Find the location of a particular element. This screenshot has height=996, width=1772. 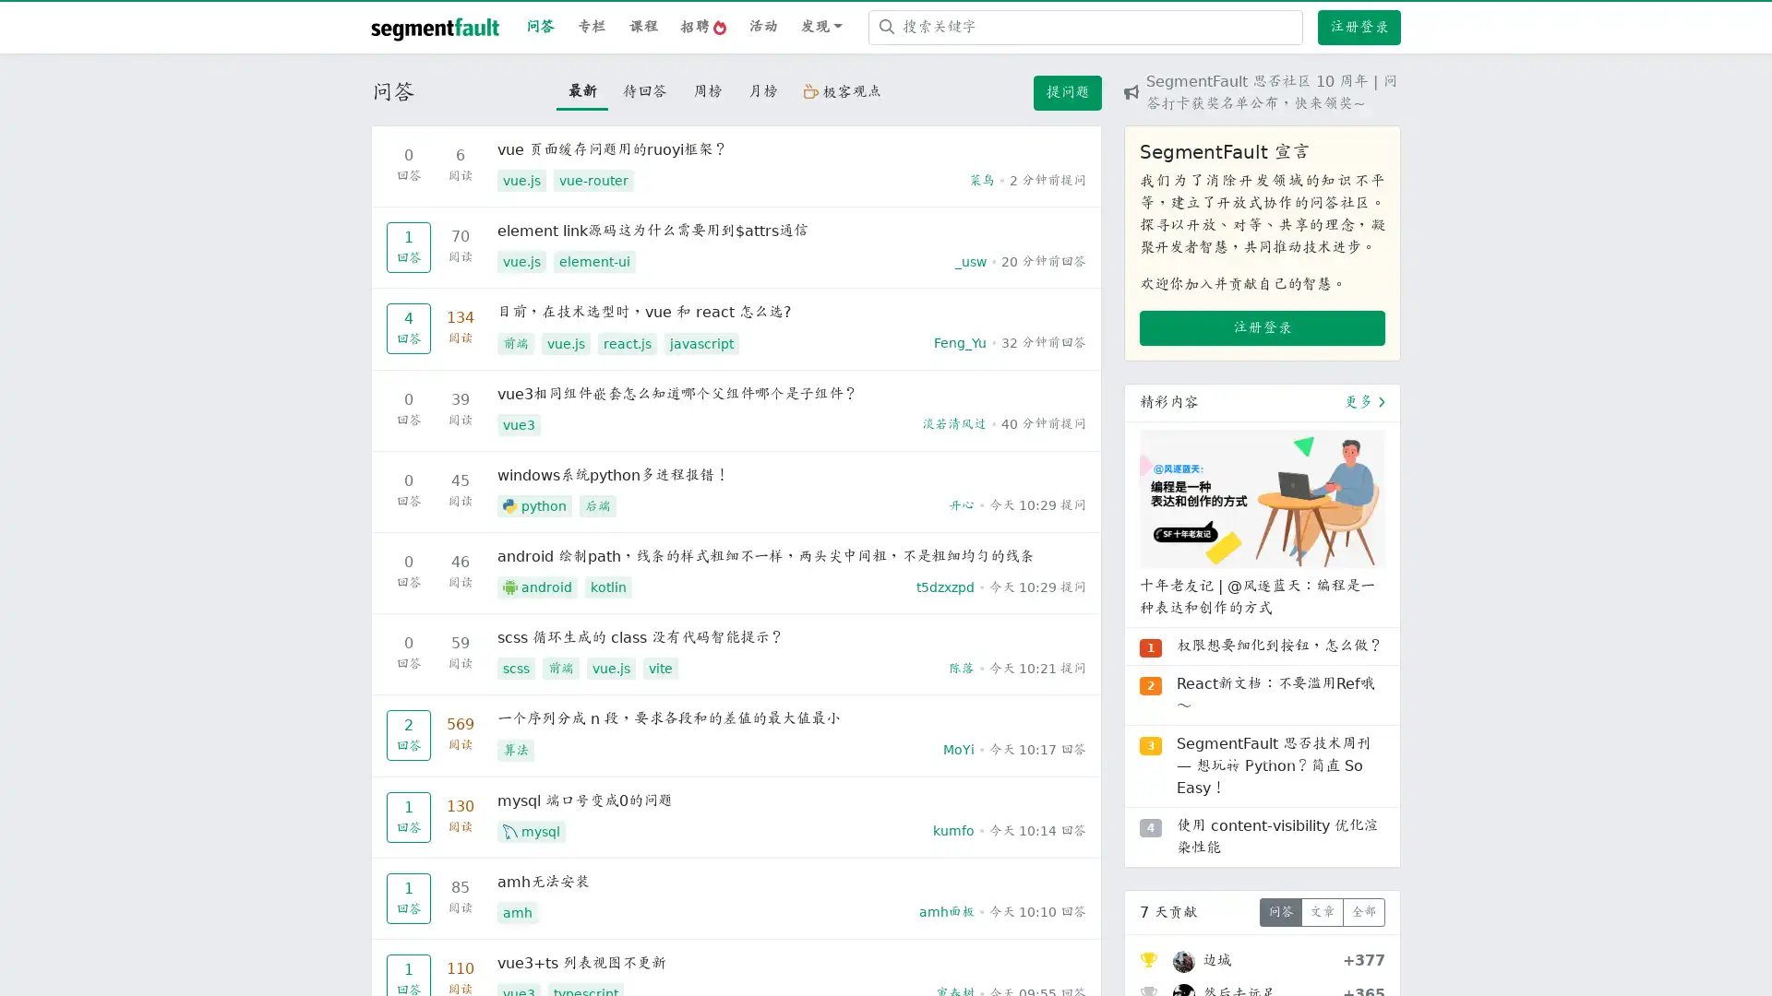

Slide 2 is located at coordinates (1262, 762).